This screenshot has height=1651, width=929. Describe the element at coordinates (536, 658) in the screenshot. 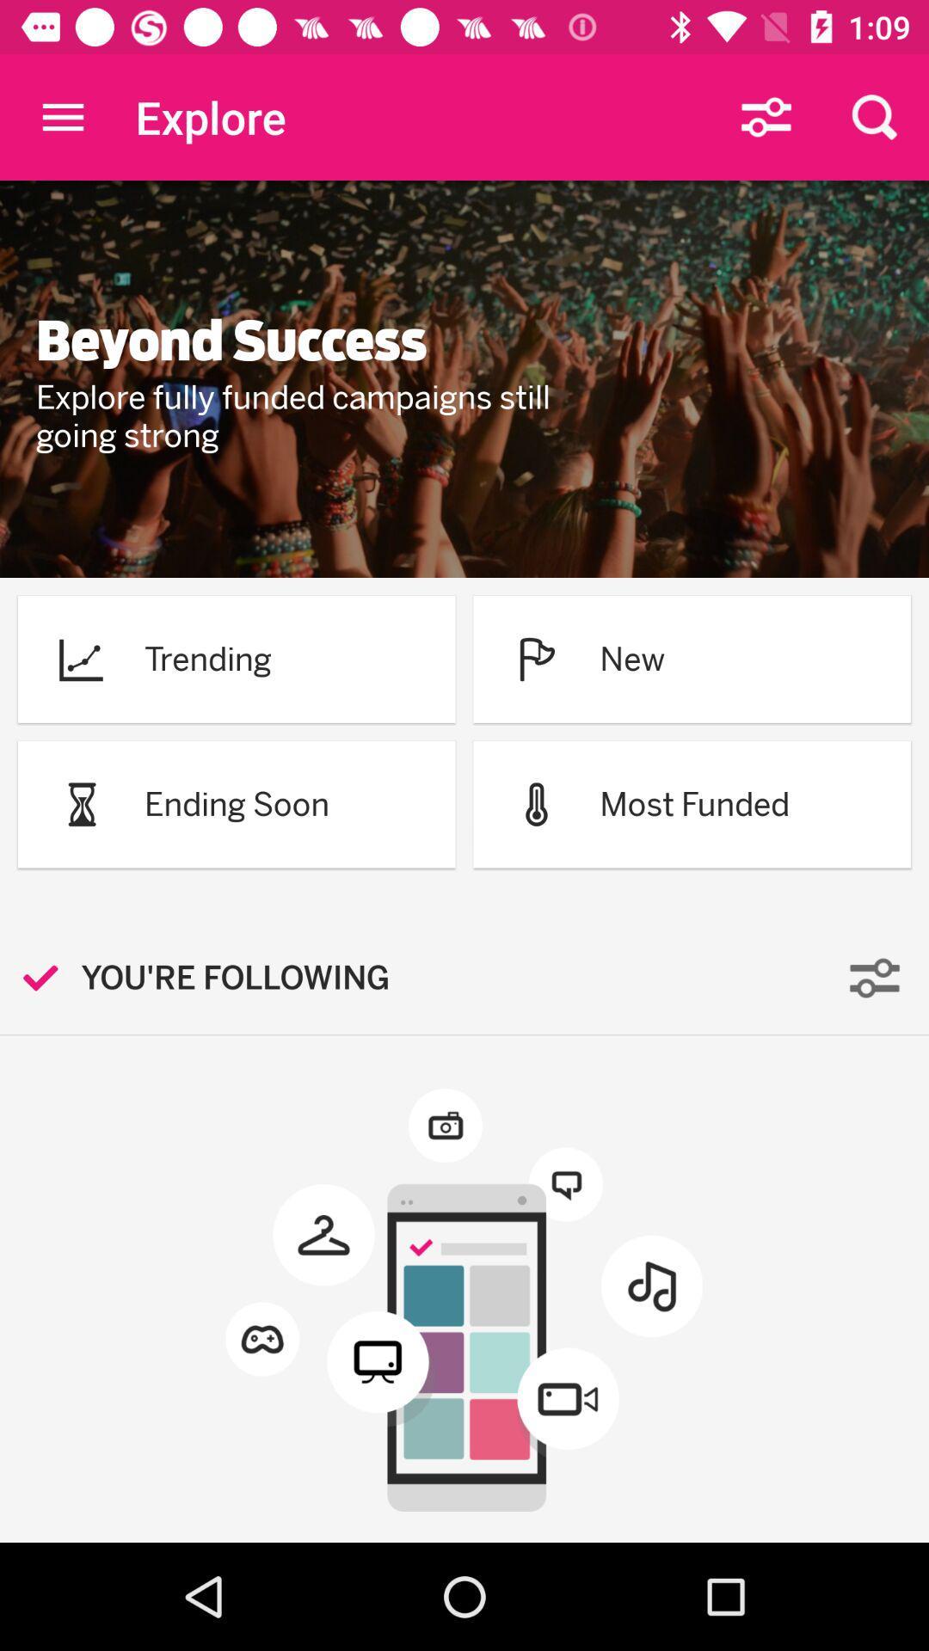

I see `item to the right of the trending icon` at that location.